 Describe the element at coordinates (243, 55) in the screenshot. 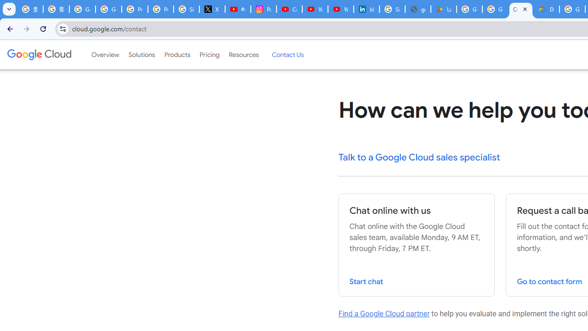

I see `'Resources'` at that location.